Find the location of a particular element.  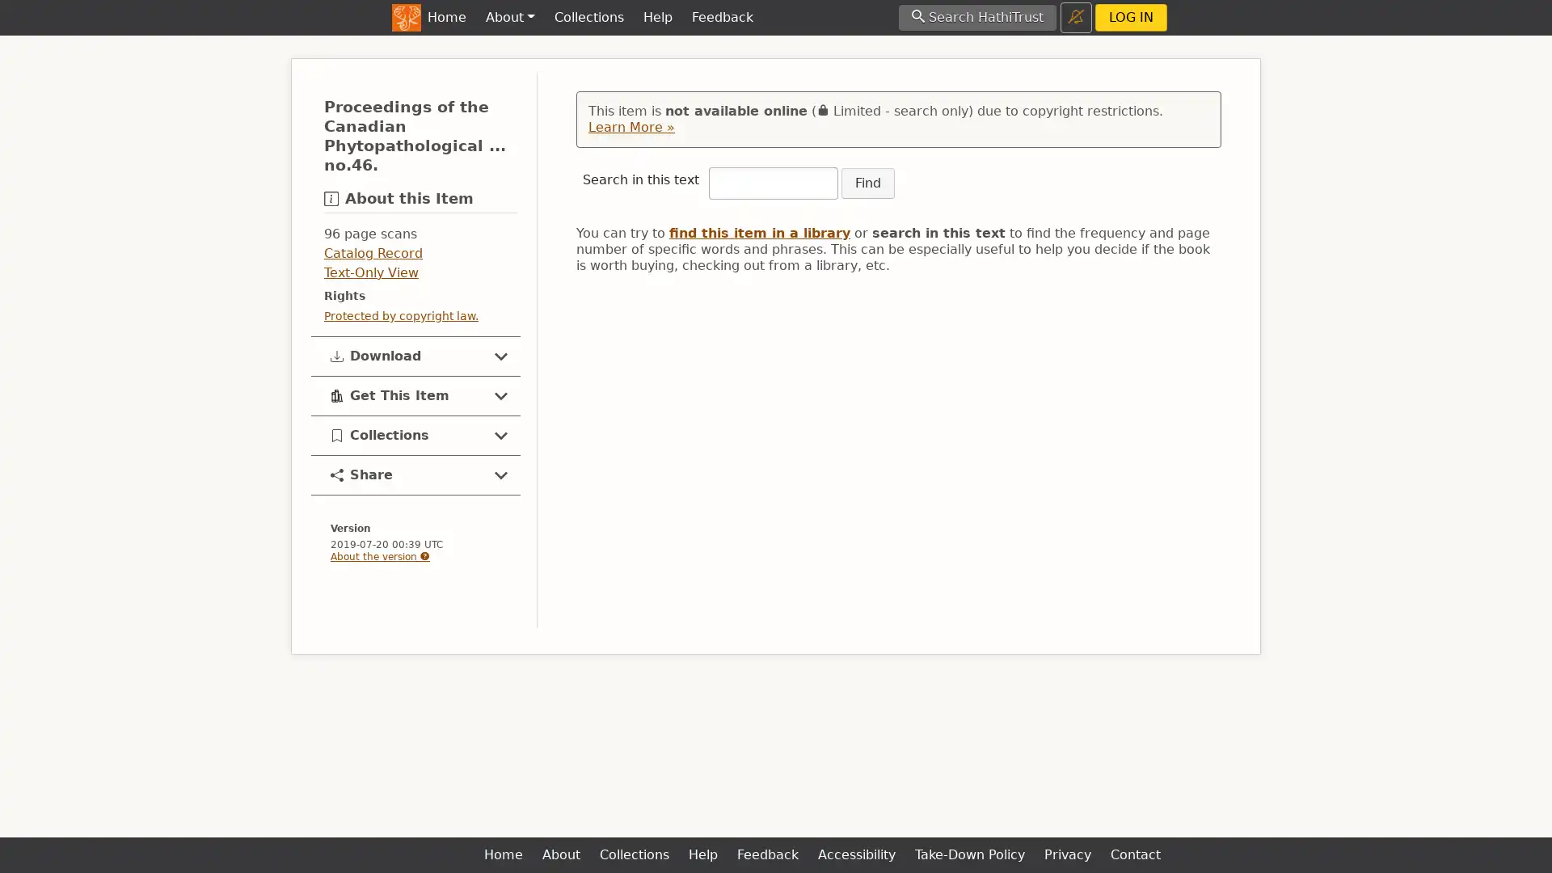

Find is located at coordinates (867, 183).